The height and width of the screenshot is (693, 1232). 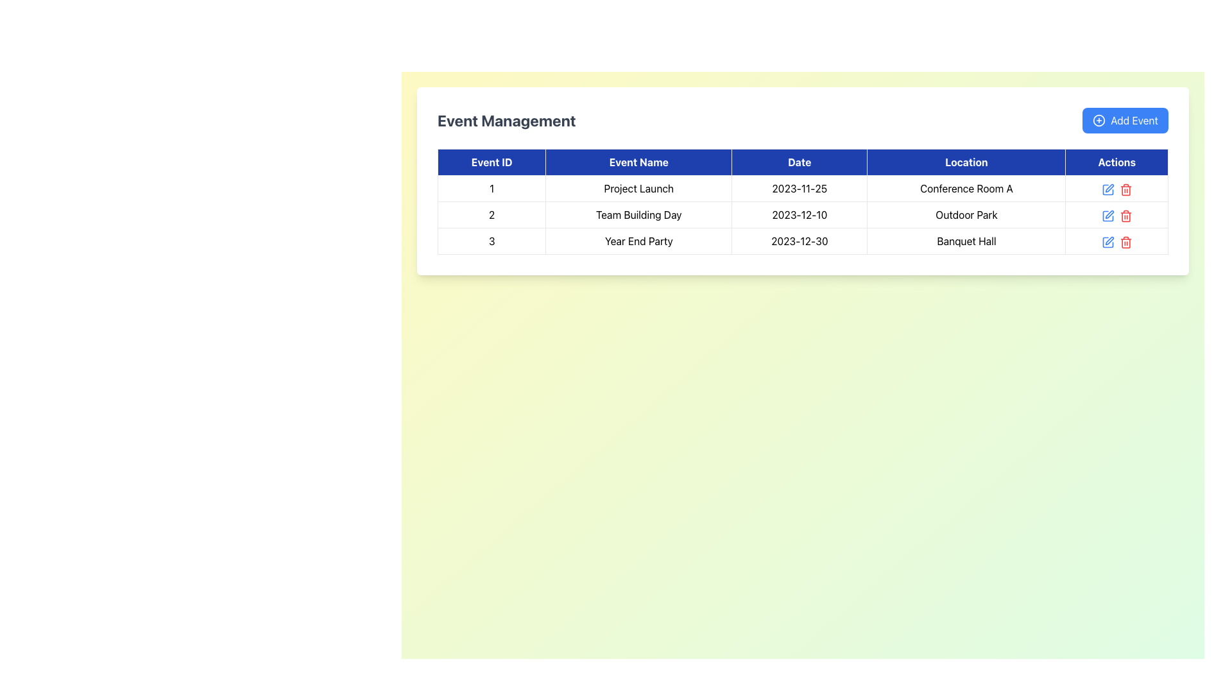 I want to click on the Text Display Cell in the fourth column of the third row of the 'Event Management' table, which corresponds to the 'Year End Party' event on '2023-12-30', so click(x=966, y=241).